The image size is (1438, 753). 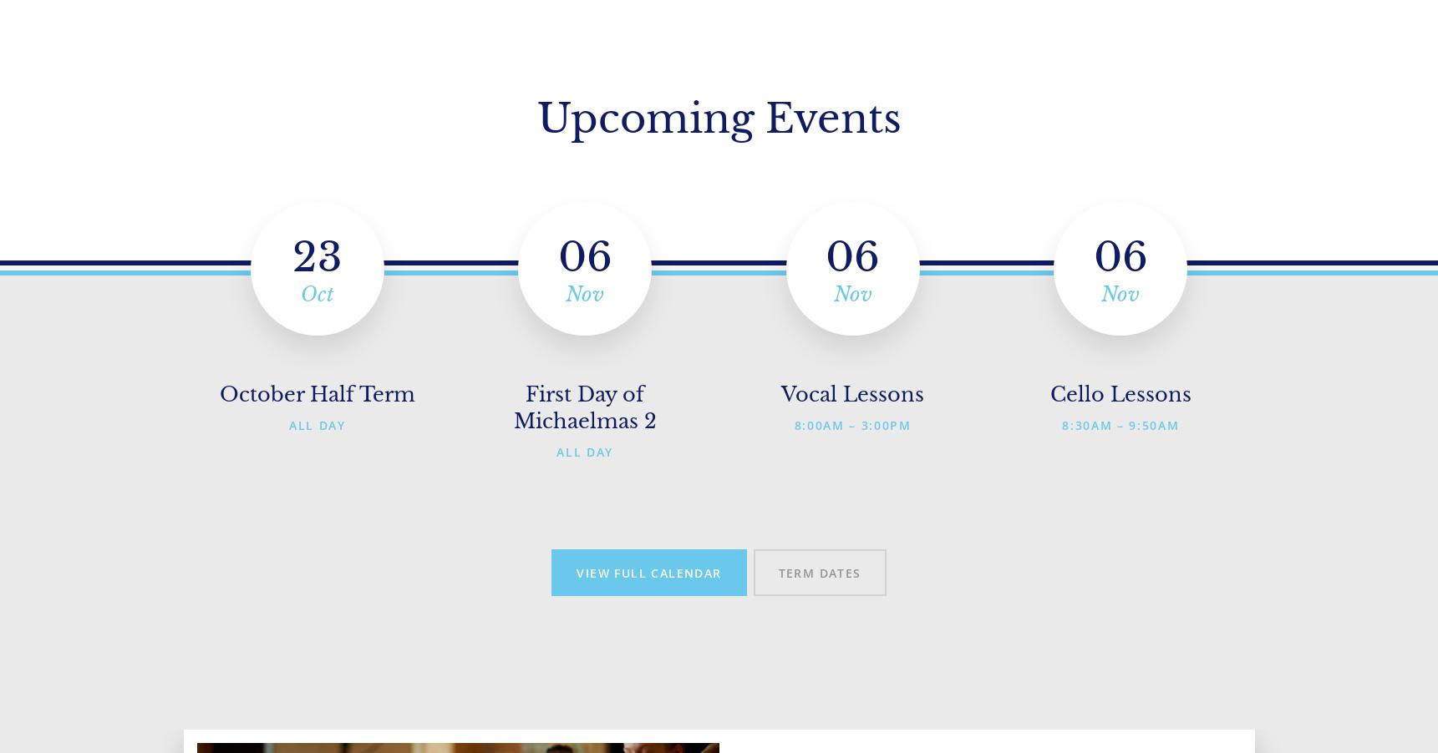 I want to click on 'View Full Calendar', so click(x=648, y=572).